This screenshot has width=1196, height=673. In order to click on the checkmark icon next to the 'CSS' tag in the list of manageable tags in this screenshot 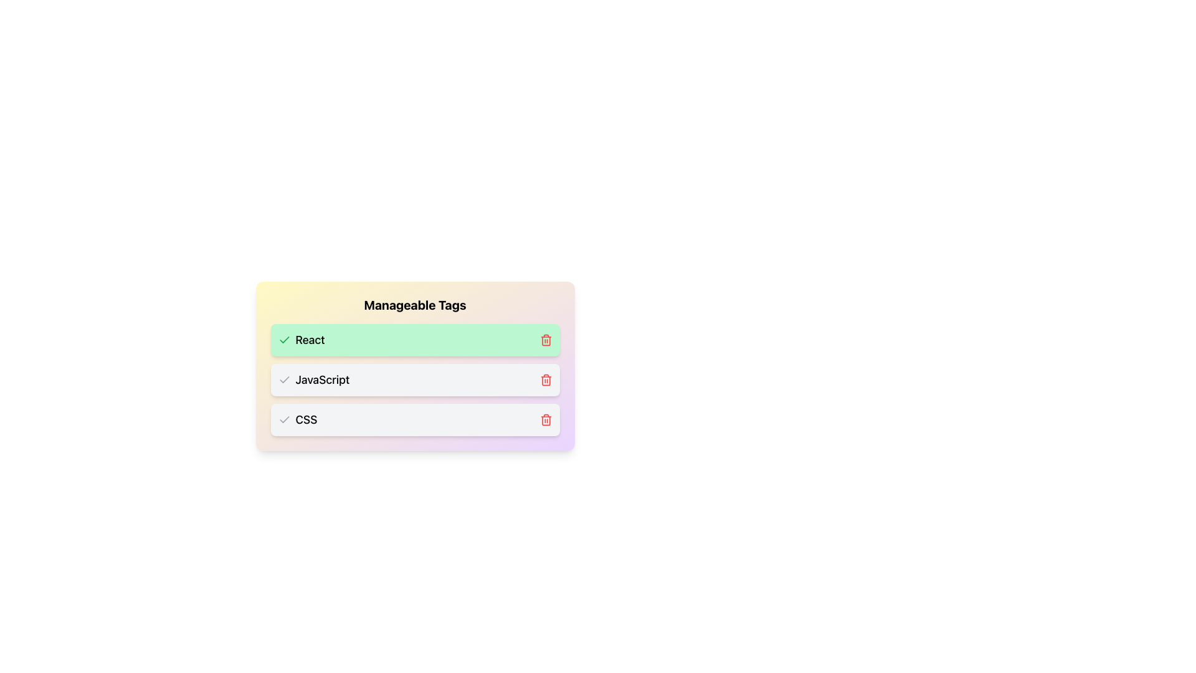, I will do `click(297, 420)`.